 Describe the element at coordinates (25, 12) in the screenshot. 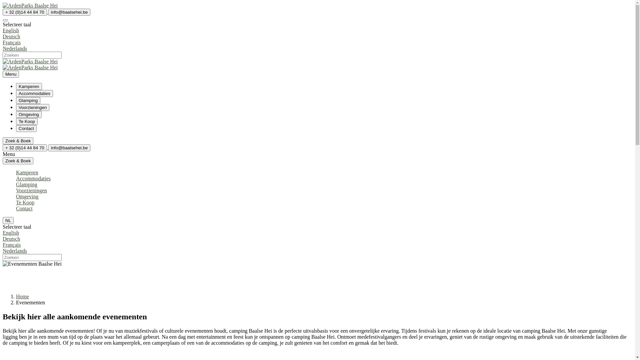

I see `'+ 32 (0)14 44 84 70'` at that location.